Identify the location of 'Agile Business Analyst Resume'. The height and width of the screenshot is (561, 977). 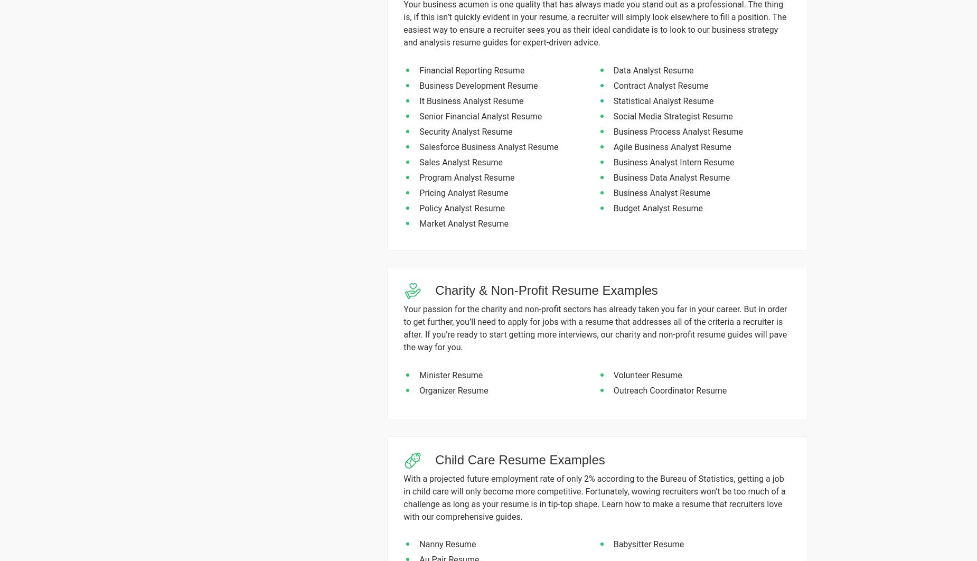
(671, 146).